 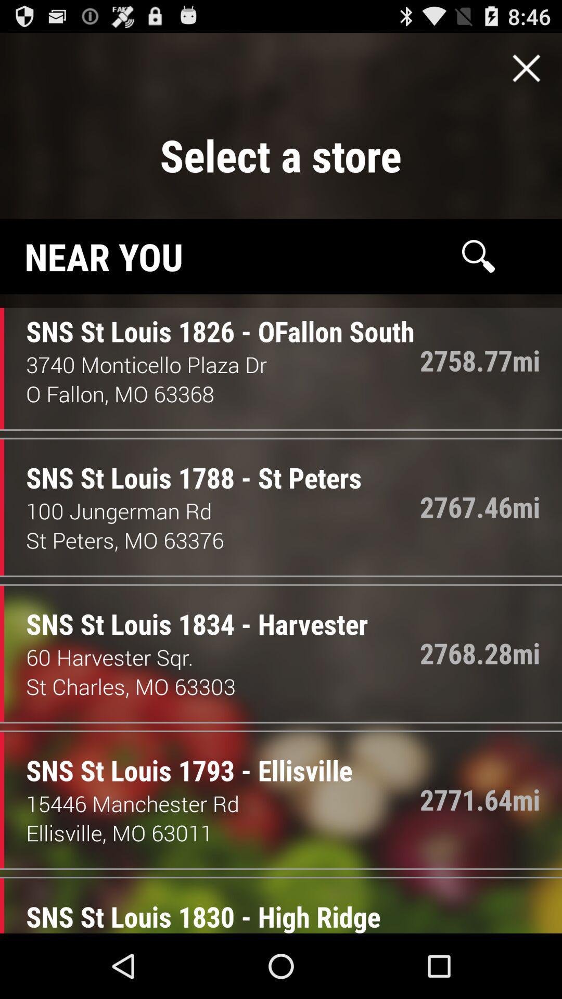 What do you see at coordinates (526, 68) in the screenshot?
I see `button` at bounding box center [526, 68].